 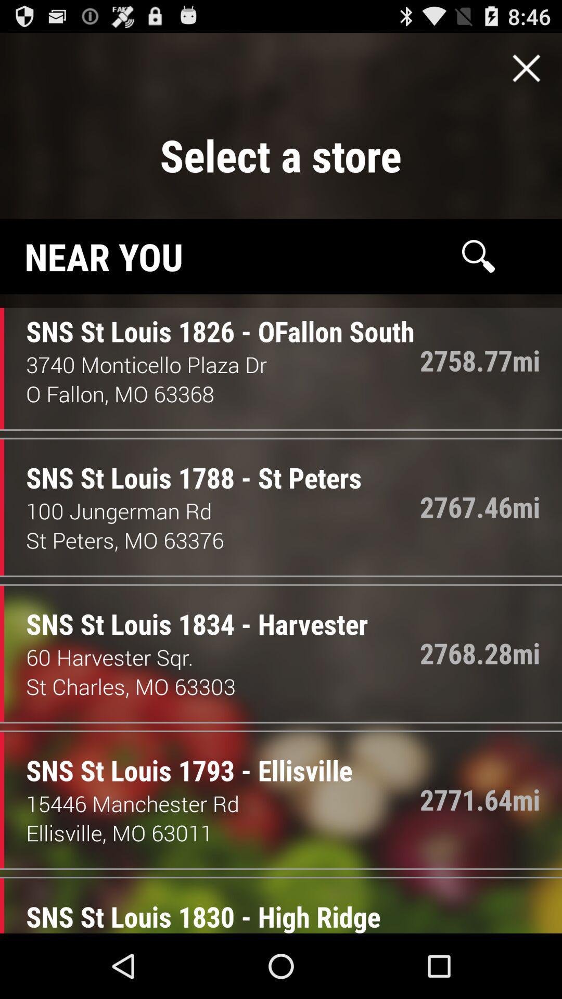 What do you see at coordinates (526, 68) in the screenshot?
I see `button` at bounding box center [526, 68].